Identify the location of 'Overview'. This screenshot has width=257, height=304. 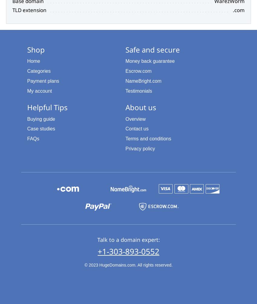
(135, 119).